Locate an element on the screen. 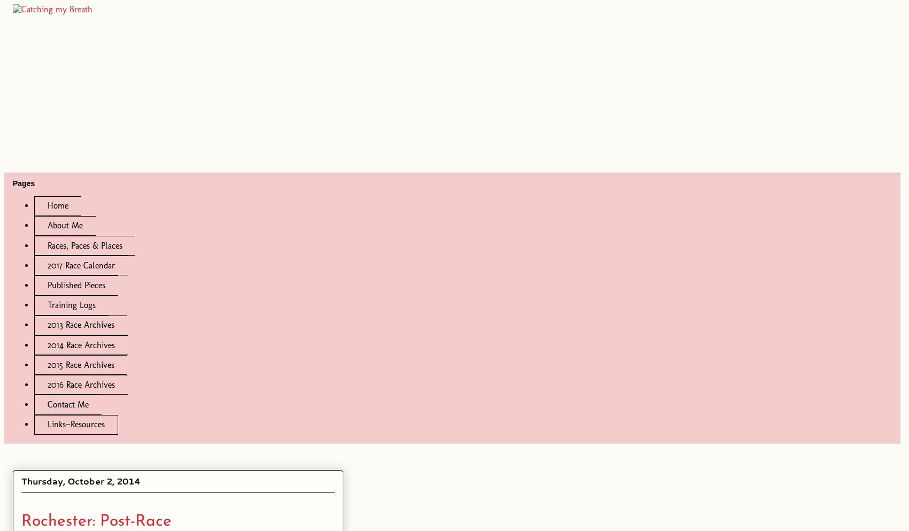 Image resolution: width=909 pixels, height=531 pixels. 'Links~Resources' is located at coordinates (75, 424).